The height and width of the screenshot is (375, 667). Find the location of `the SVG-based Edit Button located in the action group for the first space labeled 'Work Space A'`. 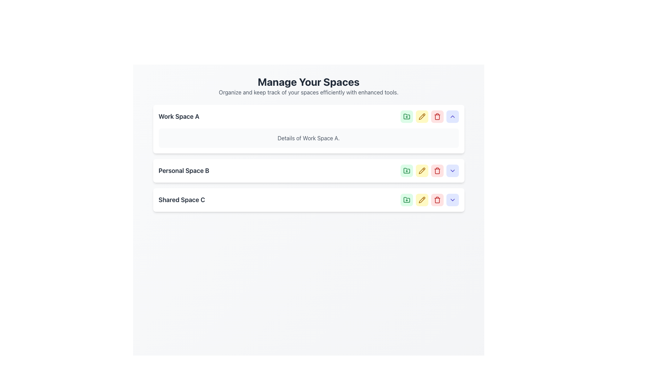

the SVG-based Edit Button located in the action group for the first space labeled 'Work Space A' is located at coordinates (421, 116).